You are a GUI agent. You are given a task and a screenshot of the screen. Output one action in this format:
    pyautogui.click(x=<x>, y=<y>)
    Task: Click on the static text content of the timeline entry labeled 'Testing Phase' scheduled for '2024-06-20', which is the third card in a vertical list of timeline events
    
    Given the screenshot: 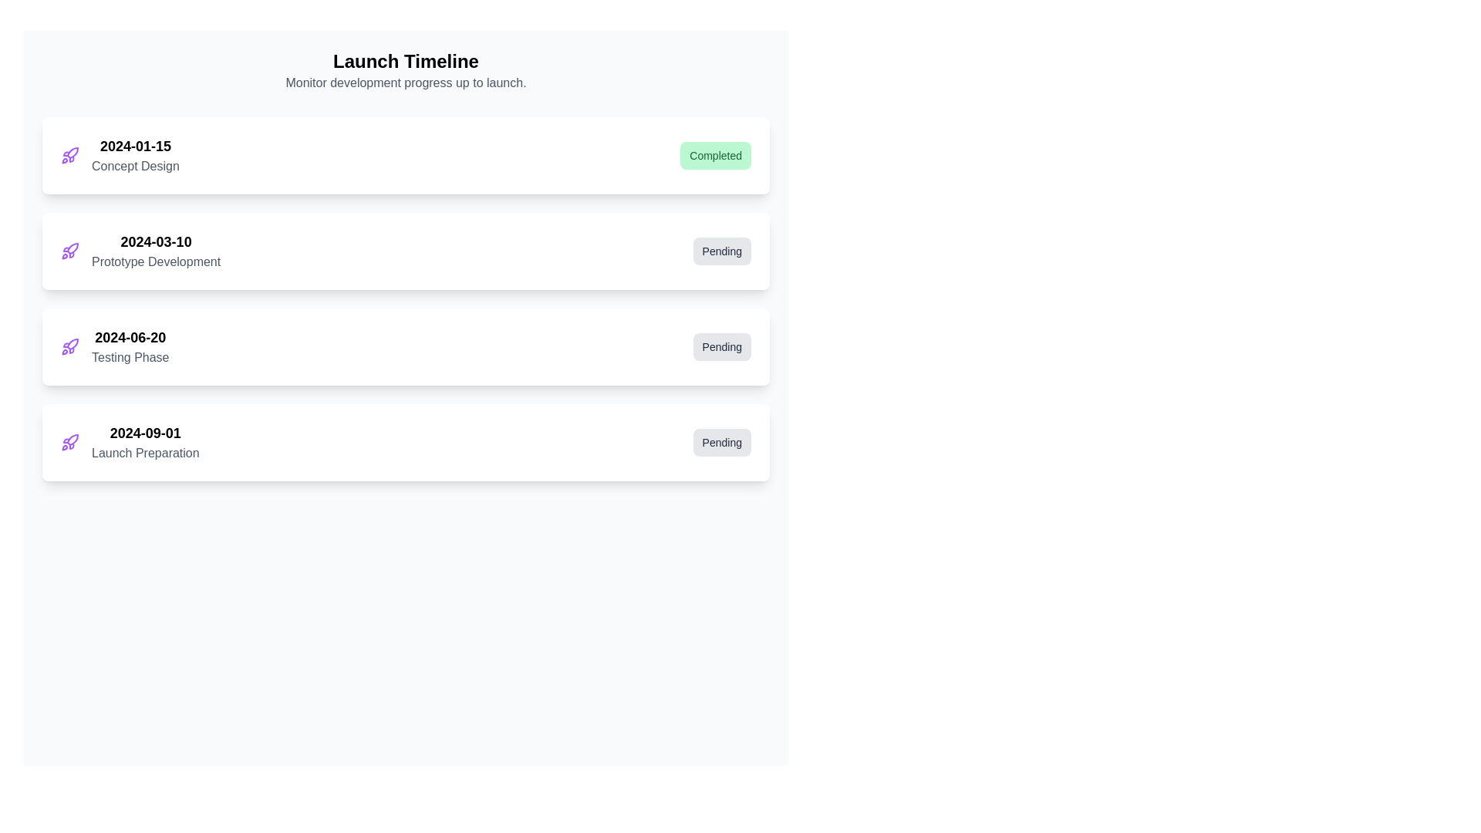 What is the action you would take?
    pyautogui.click(x=130, y=347)
    